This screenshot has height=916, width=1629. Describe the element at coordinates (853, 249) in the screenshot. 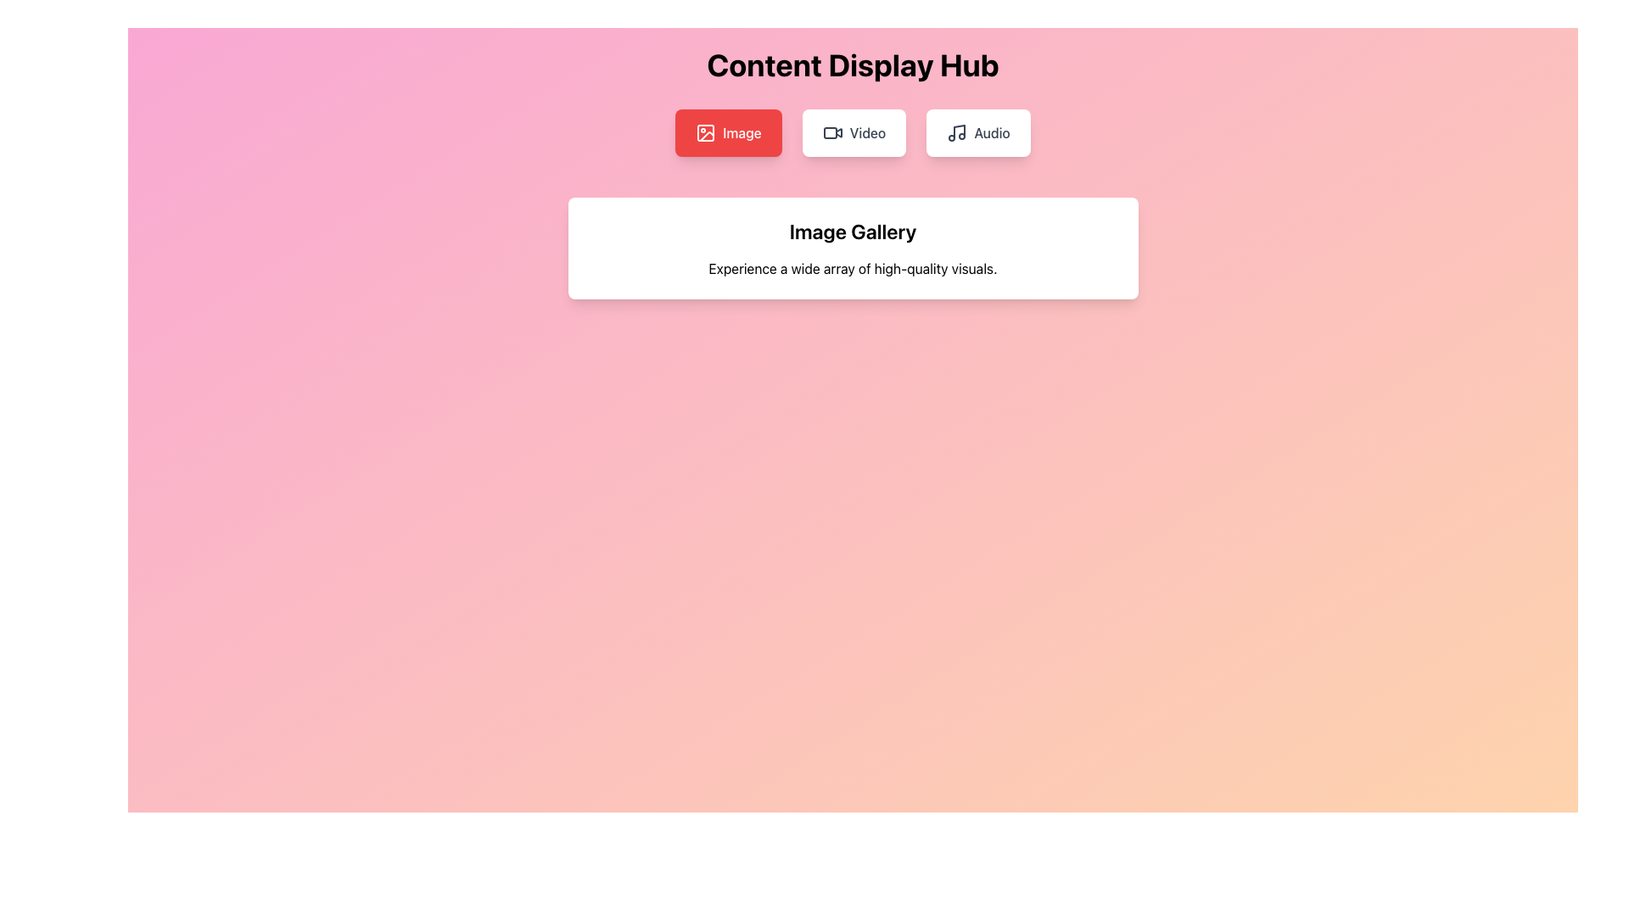

I see `the Informational panel that introduces the 'Image Gallery', located centrally below the main title 'Content Display Hub' and the interactive options 'Image', 'Video', and 'Audio'` at that location.